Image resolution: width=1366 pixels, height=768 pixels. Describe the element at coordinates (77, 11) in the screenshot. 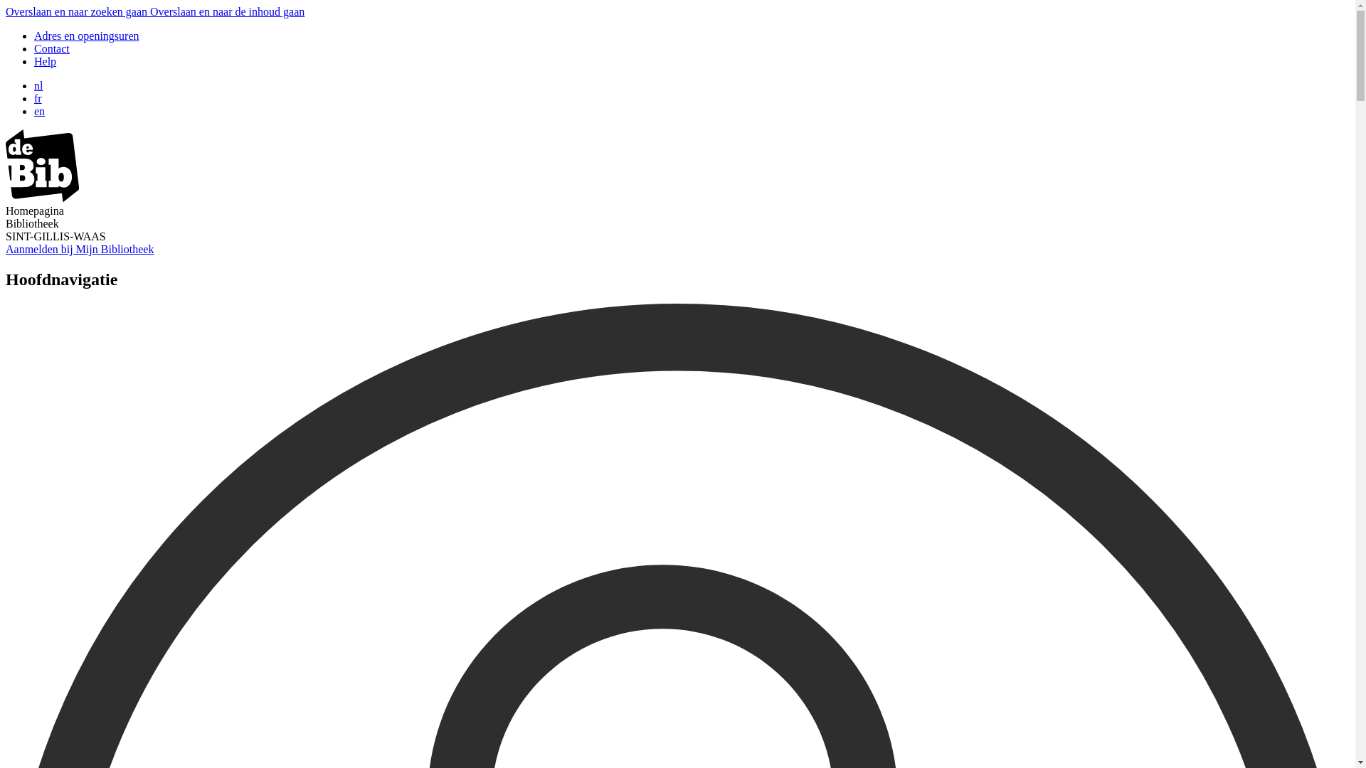

I see `'Overslaan en naar zoeken gaan'` at that location.